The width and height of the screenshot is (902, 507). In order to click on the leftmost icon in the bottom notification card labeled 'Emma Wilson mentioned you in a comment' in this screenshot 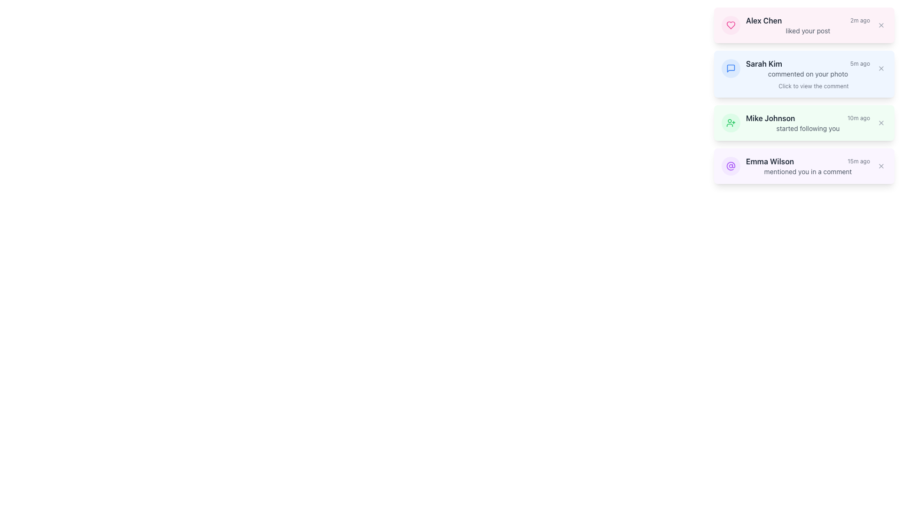, I will do `click(730, 166)`.